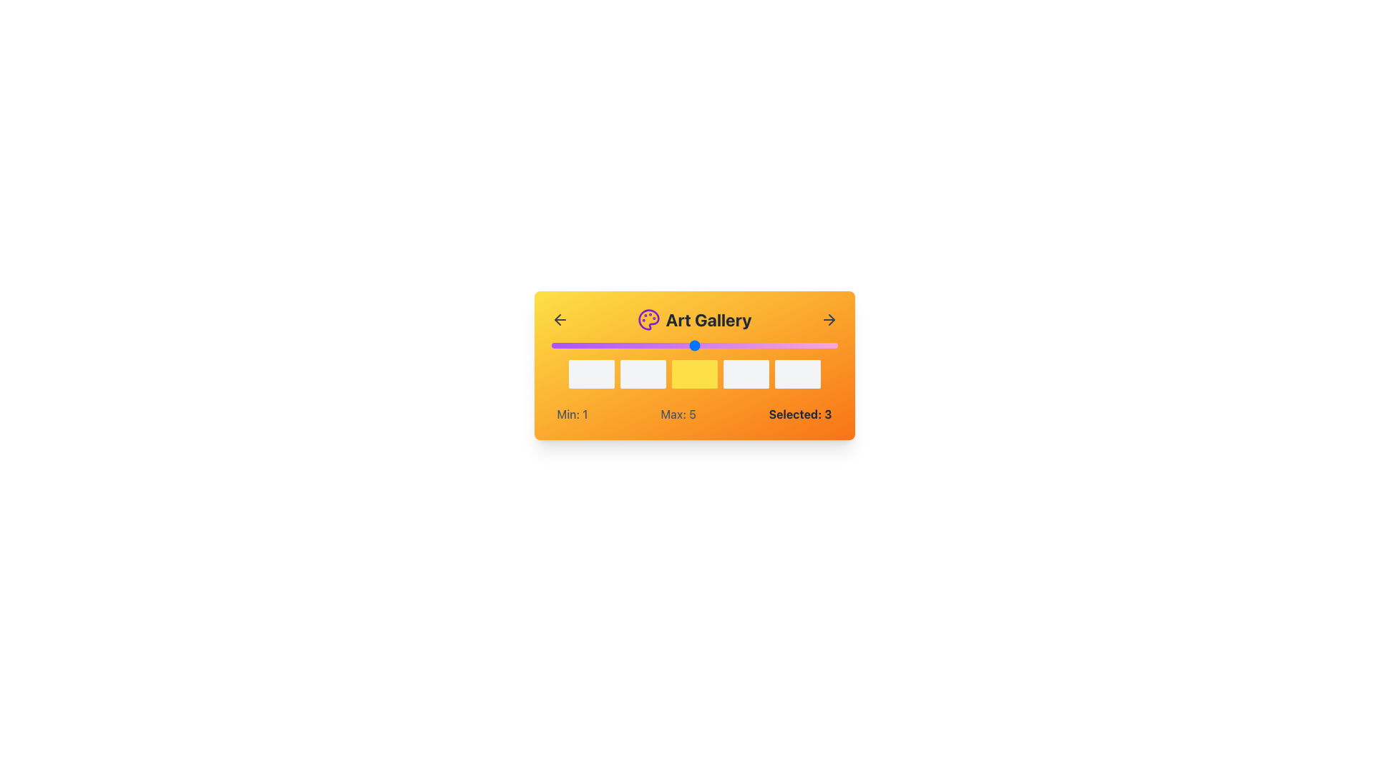 This screenshot has width=1374, height=773. Describe the element at coordinates (623, 345) in the screenshot. I see `slider value` at that location.